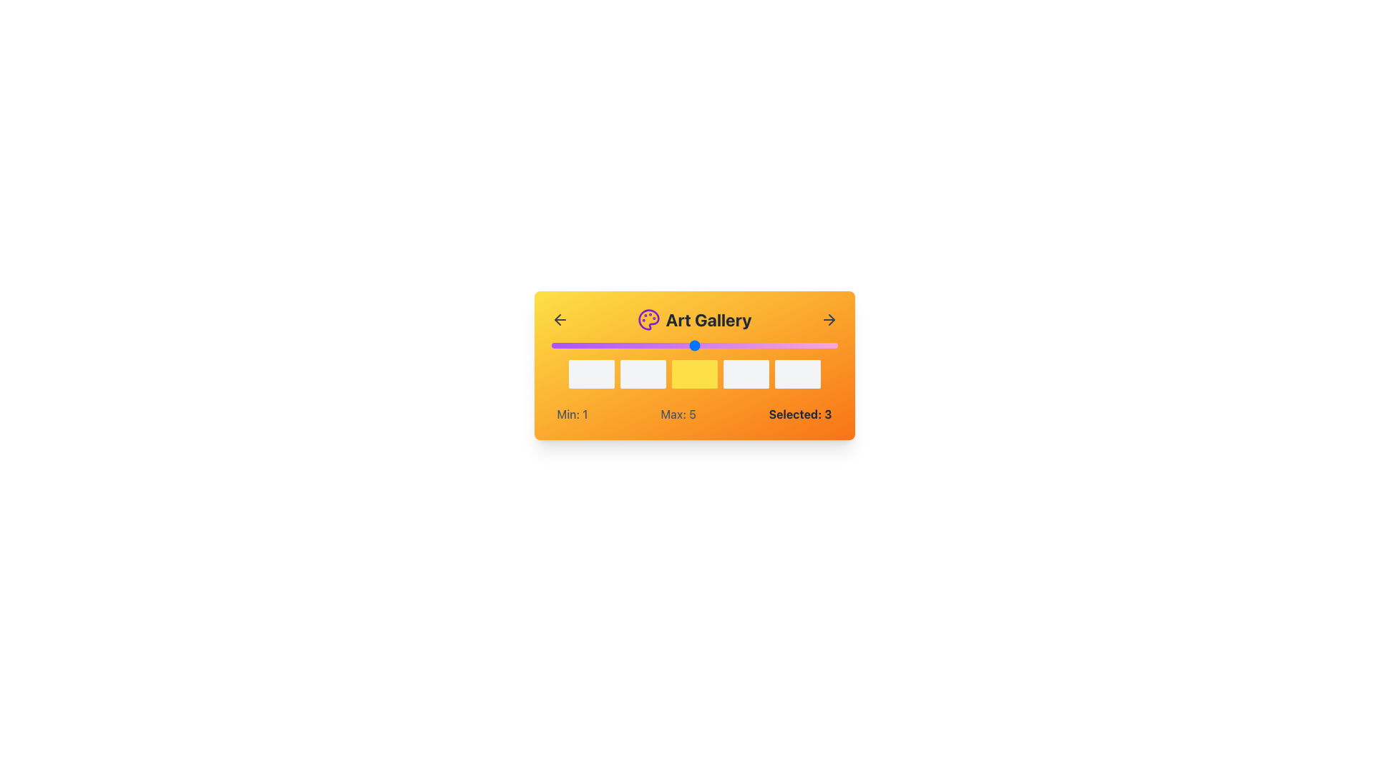 This screenshot has width=1374, height=773. Describe the element at coordinates (623, 345) in the screenshot. I see `slider value` at that location.